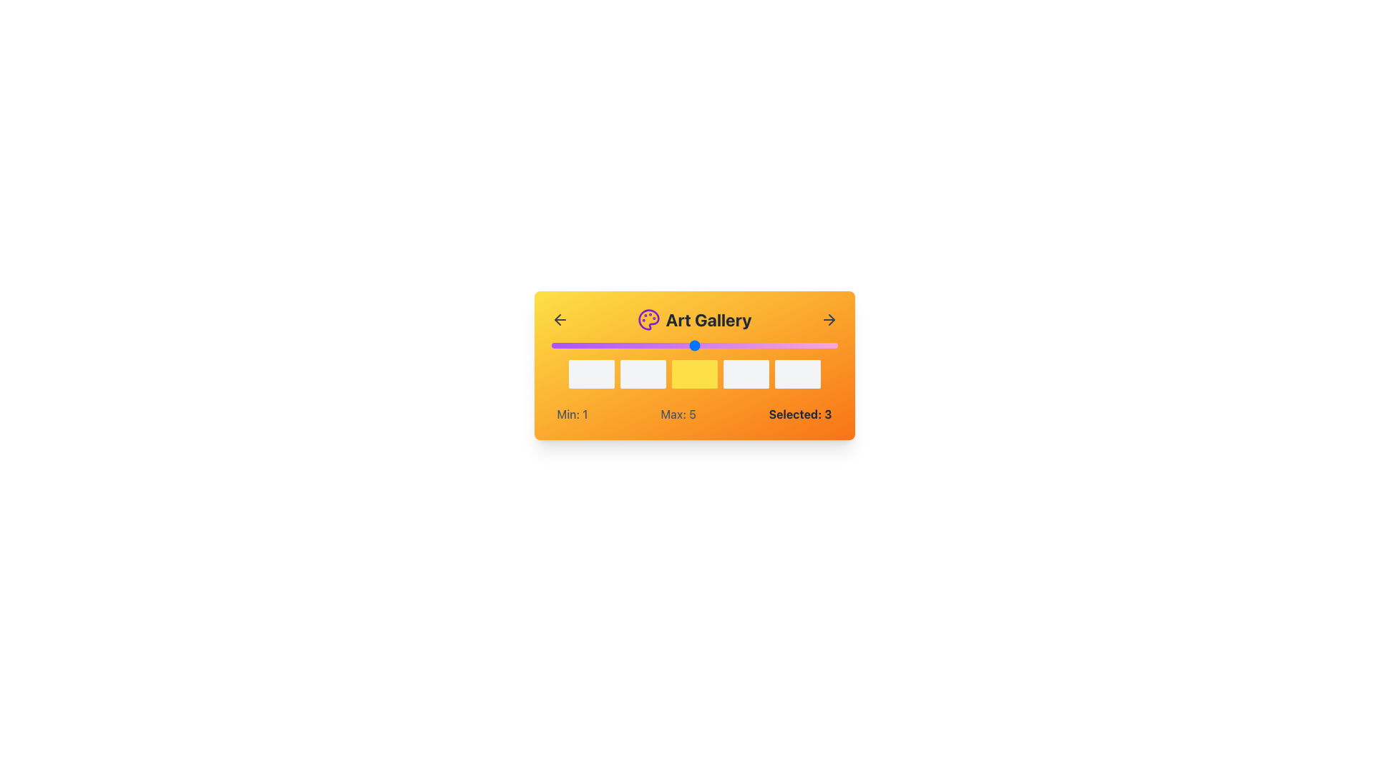 This screenshot has width=1374, height=773. Describe the element at coordinates (623, 345) in the screenshot. I see `slider value` at that location.